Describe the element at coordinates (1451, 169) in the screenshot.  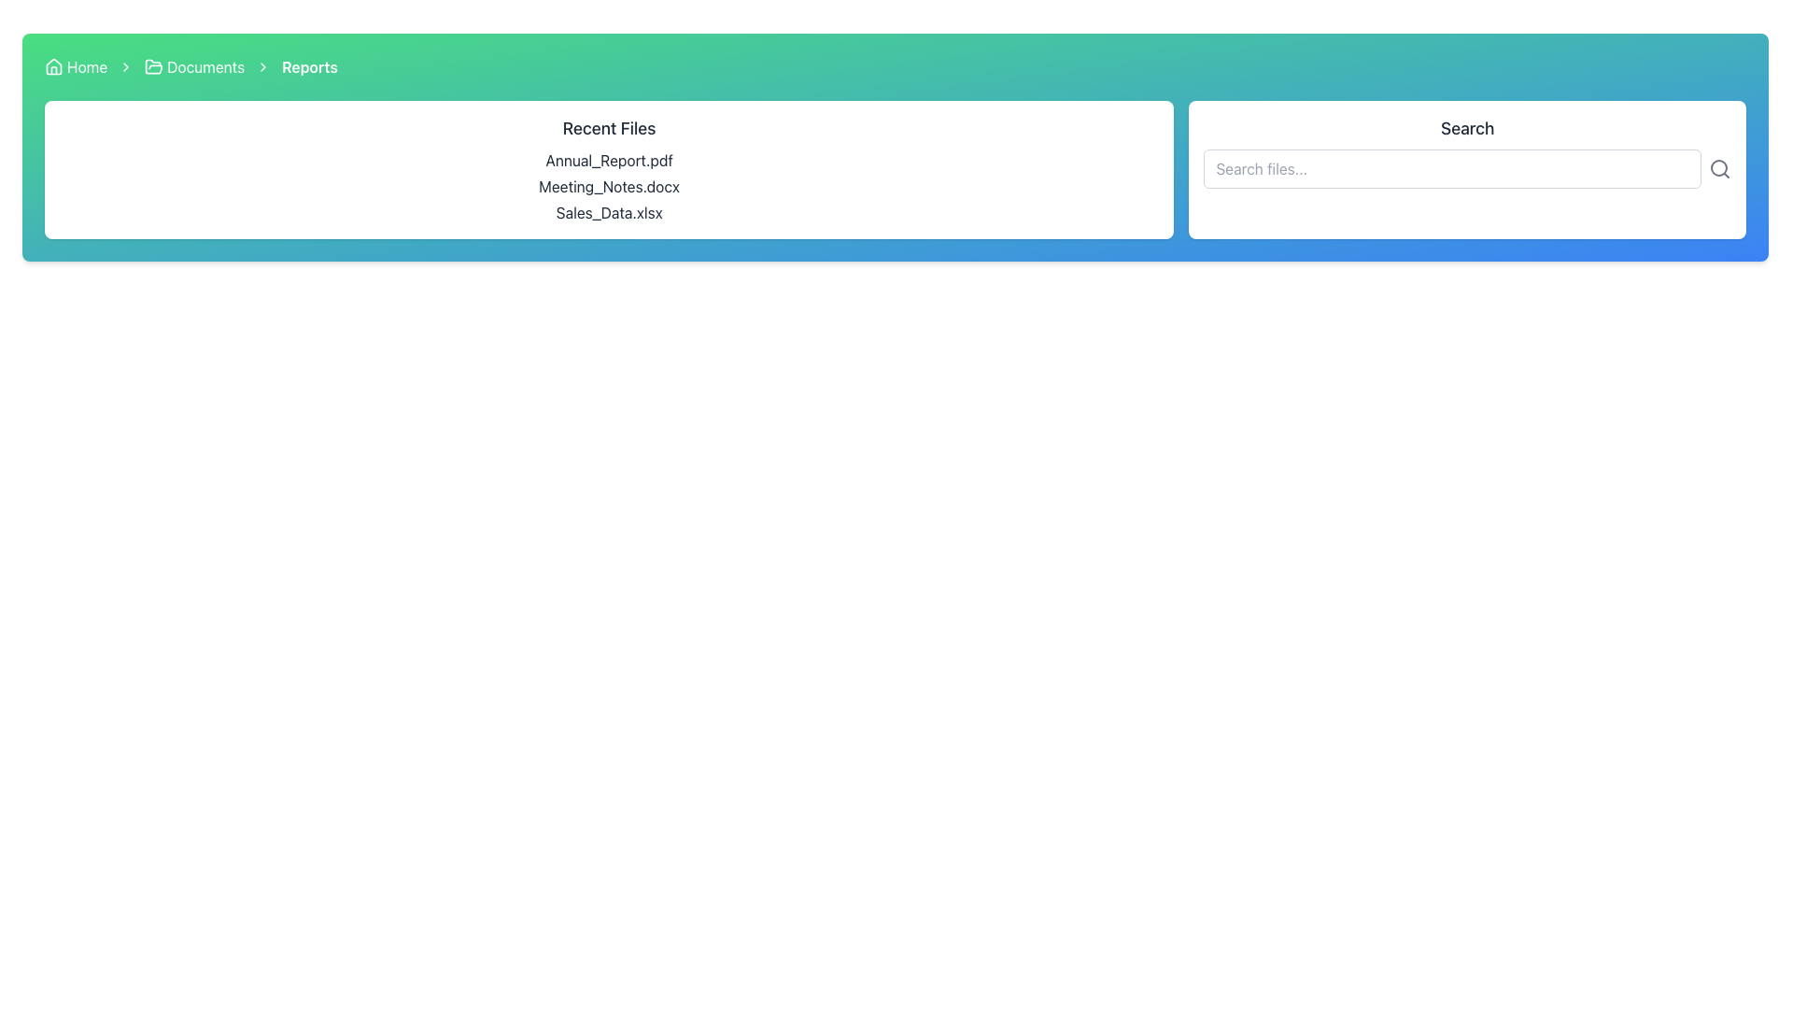
I see `to select text in the search input field located in the 'Search' section of the interface` at that location.